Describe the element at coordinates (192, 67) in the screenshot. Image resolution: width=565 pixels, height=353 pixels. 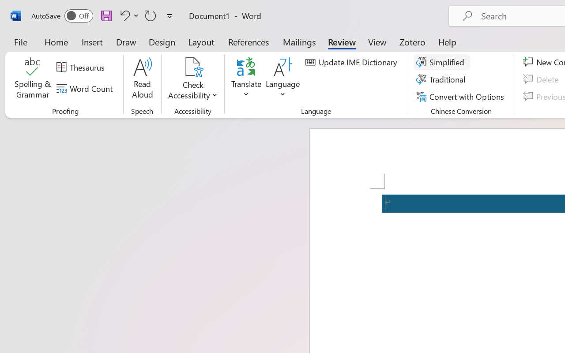
I see `'Check Accessibility'` at that location.